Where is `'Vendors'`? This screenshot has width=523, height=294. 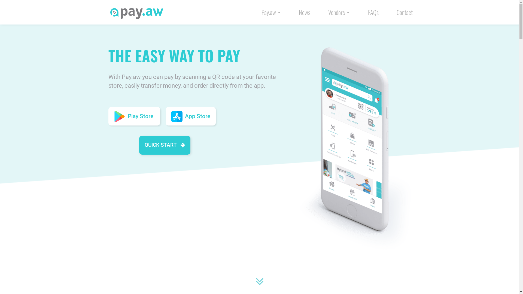
'Vendors' is located at coordinates (339, 12).